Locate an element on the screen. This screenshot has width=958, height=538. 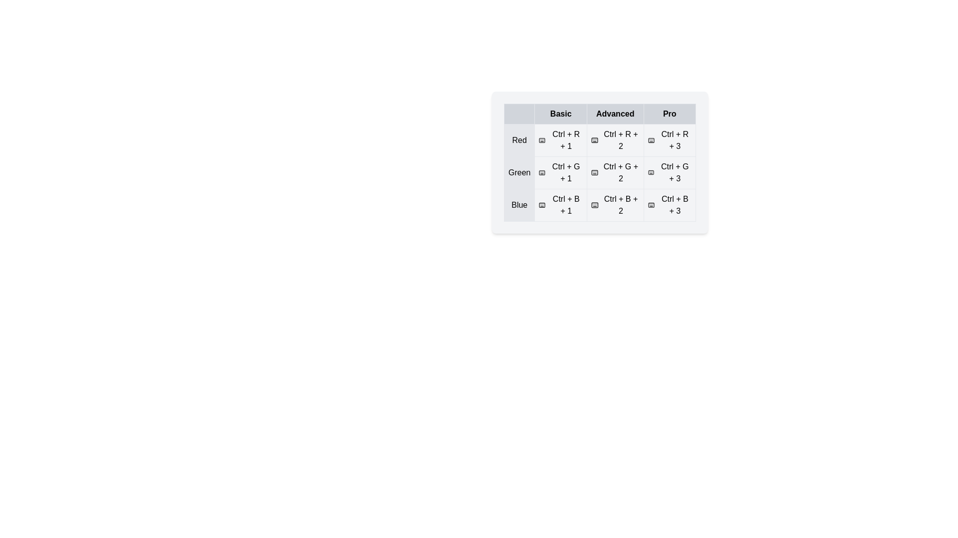
the Label element displaying 'Ctrl + G + 1' with a keyboard icon, located in the 'Green' row and 'Basic' column of the grid is located at coordinates (561, 172).